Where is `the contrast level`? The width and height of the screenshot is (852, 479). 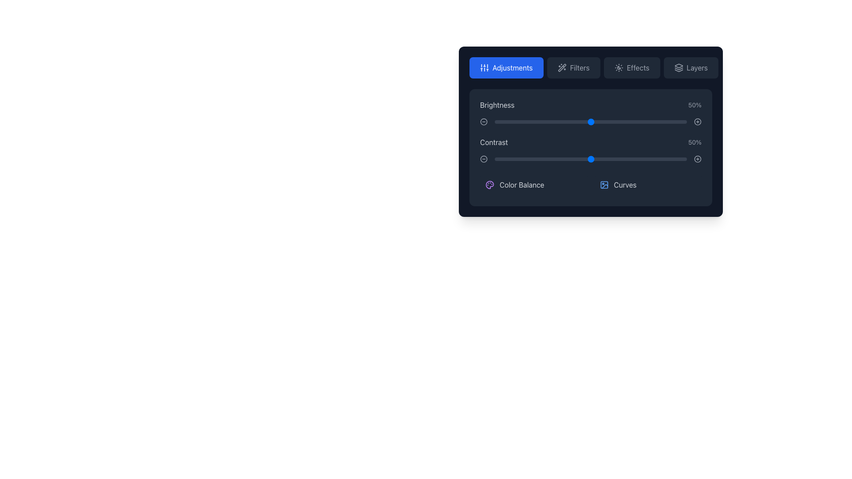 the contrast level is located at coordinates (680, 158).